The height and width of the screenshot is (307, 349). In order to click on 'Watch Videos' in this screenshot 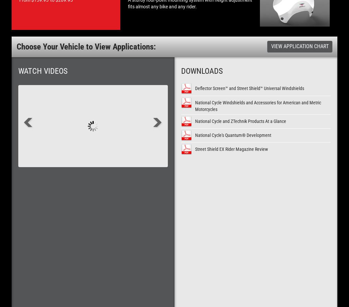, I will do `click(43, 70)`.